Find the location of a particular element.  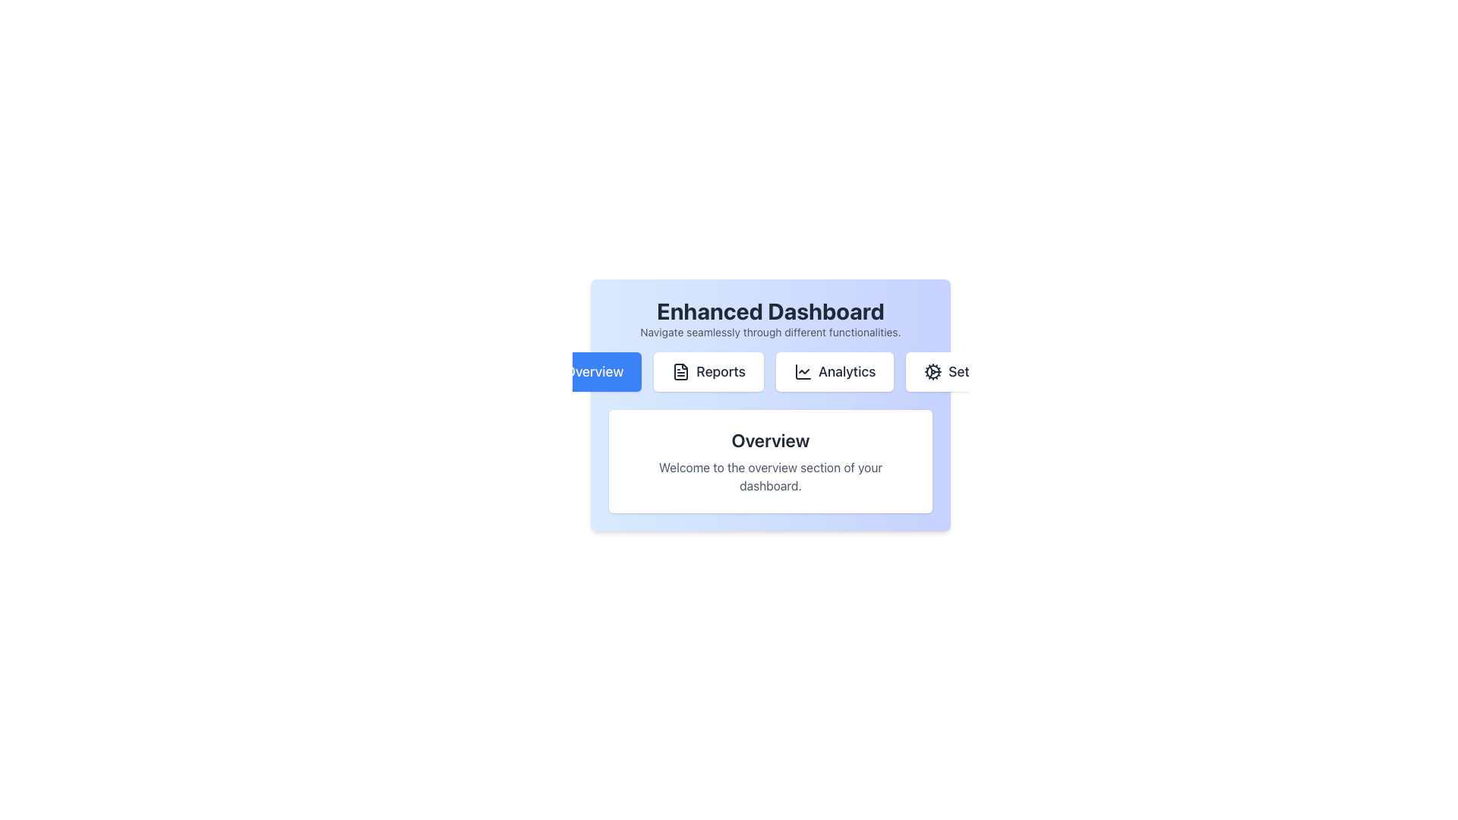

the navigation button that directs the user to the 'Overview' section of the application, located in the upper middle portion of the light blue panel is located at coordinates (581, 371).